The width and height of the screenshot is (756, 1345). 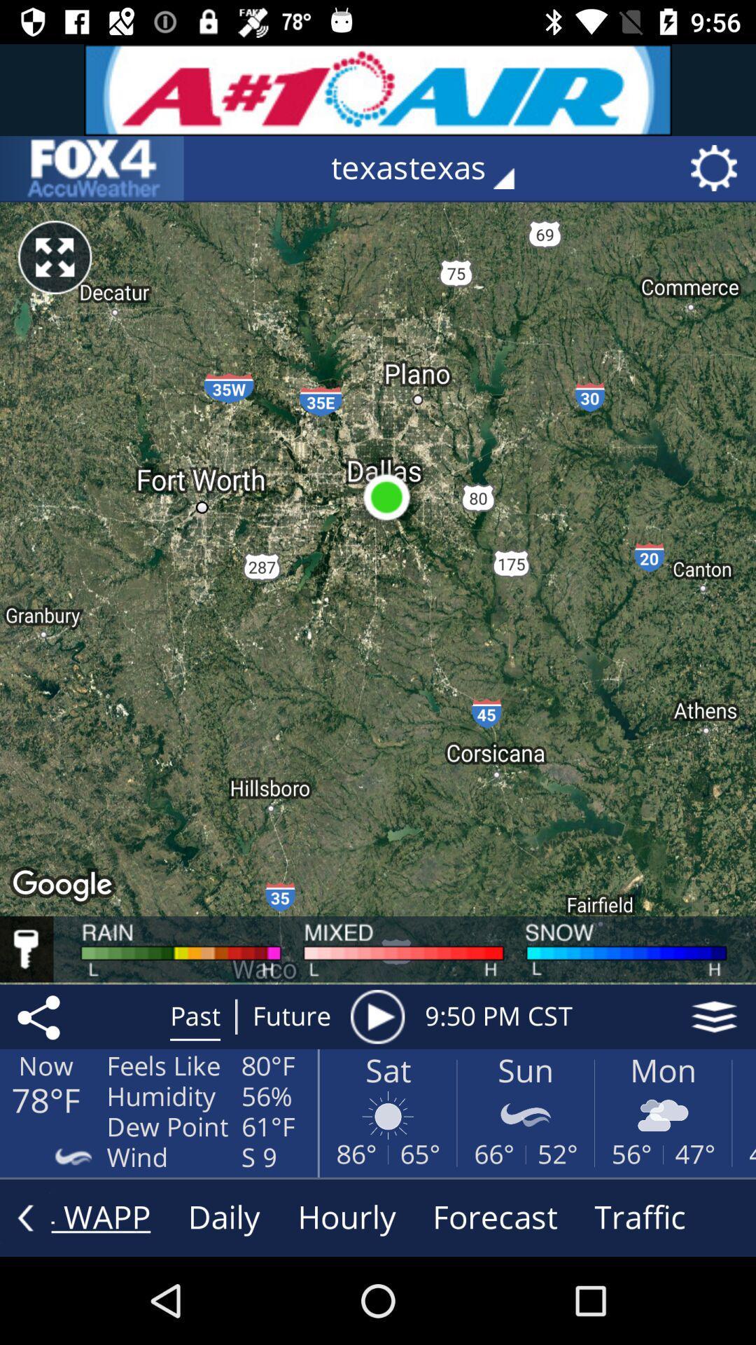 I want to click on the layers icon, so click(x=714, y=1016).